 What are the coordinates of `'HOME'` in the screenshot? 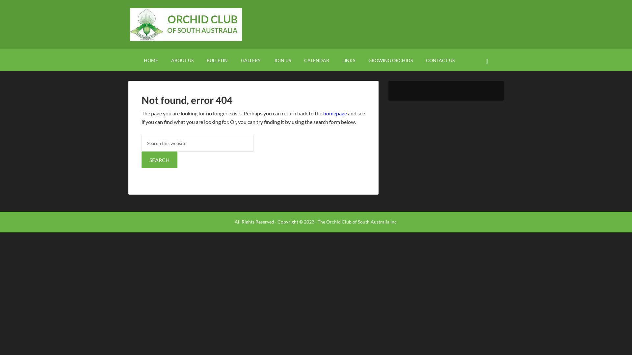 It's located at (150, 60).